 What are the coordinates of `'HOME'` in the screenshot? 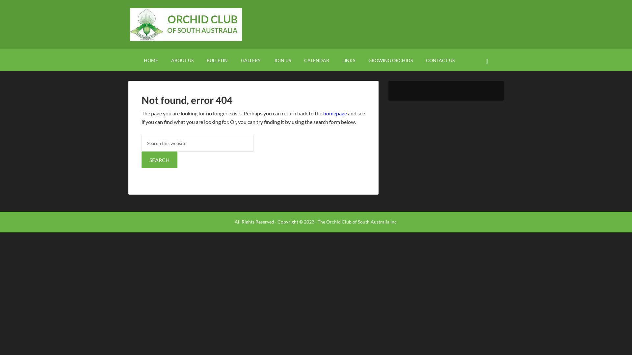 It's located at (150, 60).